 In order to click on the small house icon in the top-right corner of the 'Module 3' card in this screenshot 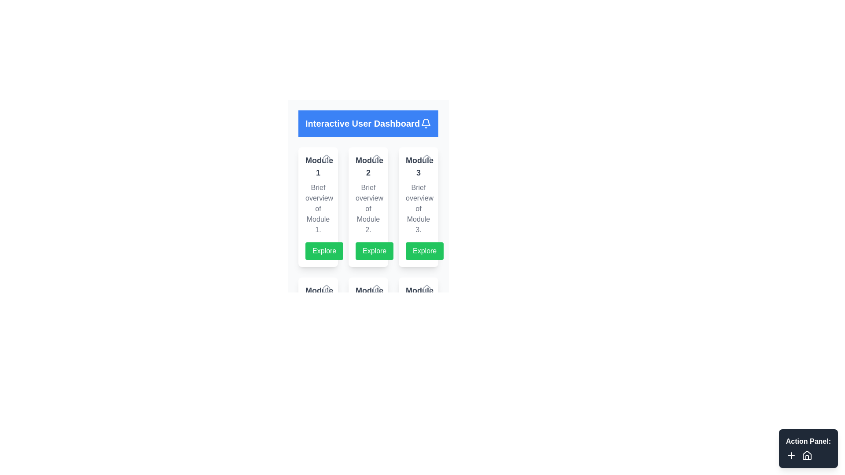, I will do `click(426, 159)`.